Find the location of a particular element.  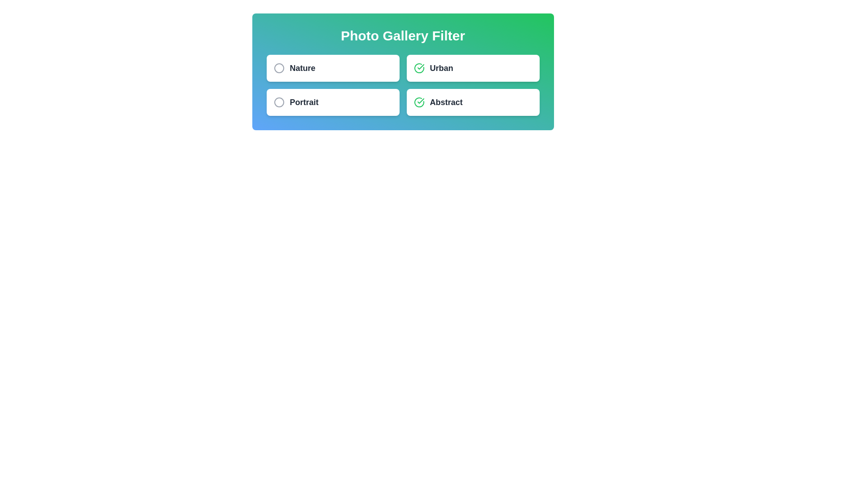

the filter icon to toggle its selection state. The parameter Portrait specifies the filter to interact with is located at coordinates (278, 101).